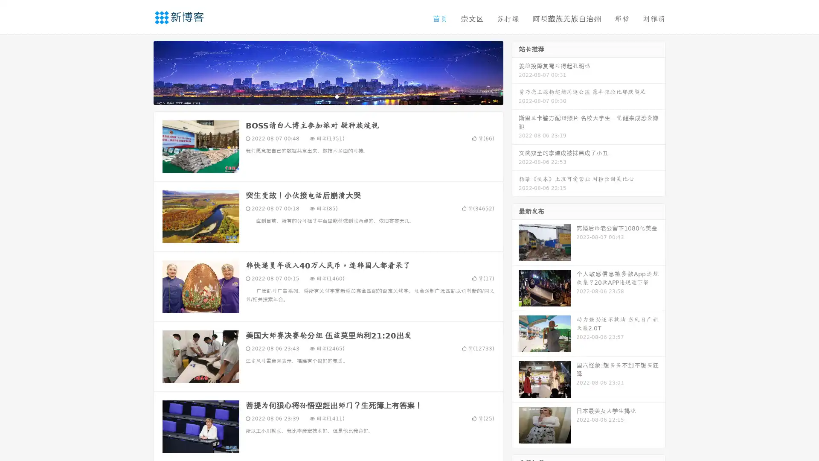 Image resolution: width=819 pixels, height=461 pixels. What do you see at coordinates (328, 96) in the screenshot?
I see `Go to slide 2` at bounding box center [328, 96].